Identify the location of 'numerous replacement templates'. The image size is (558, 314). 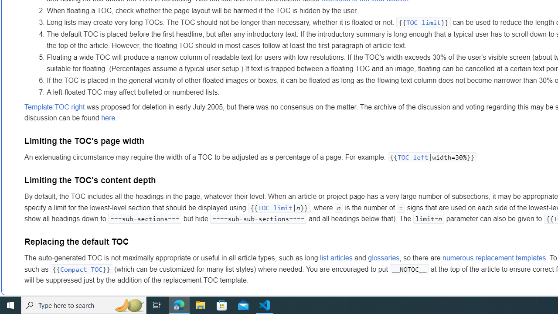
(494, 258).